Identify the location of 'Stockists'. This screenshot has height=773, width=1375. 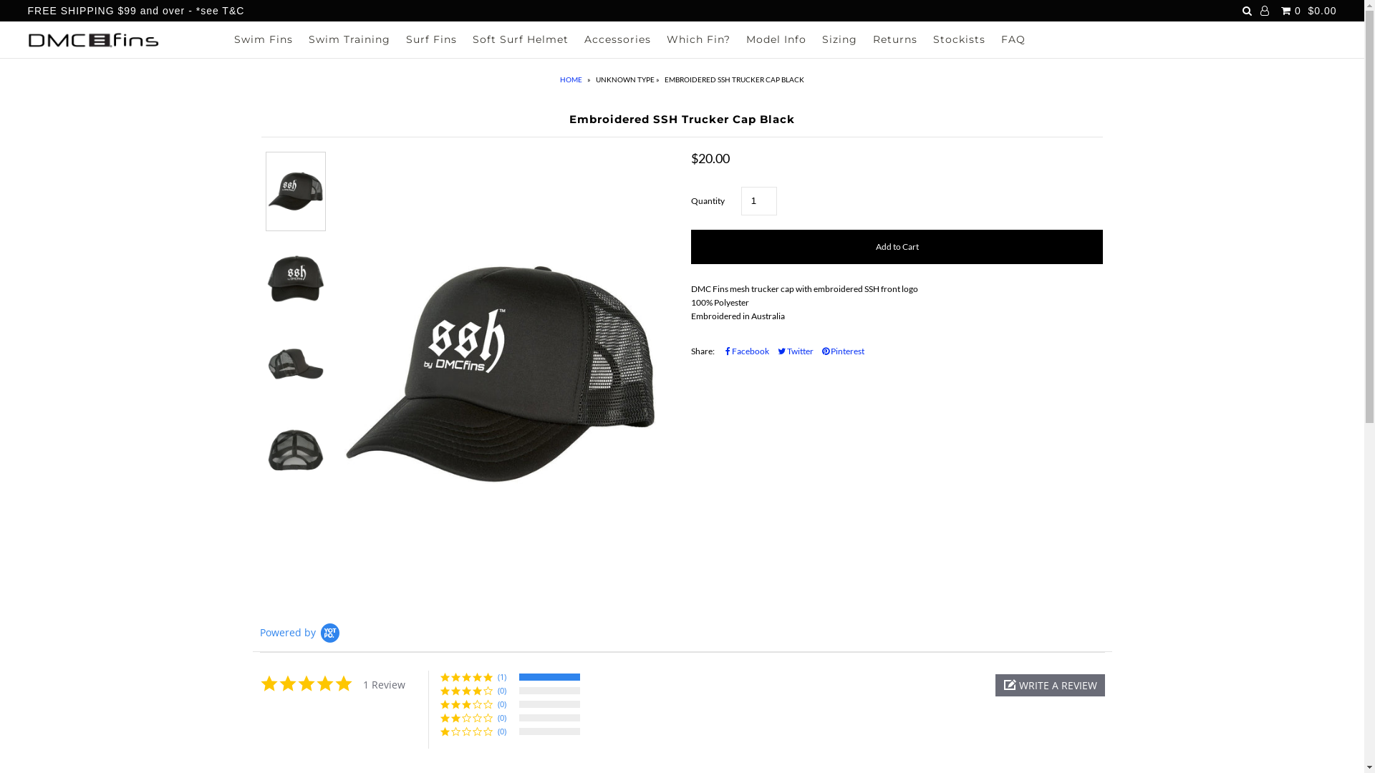
(959, 38).